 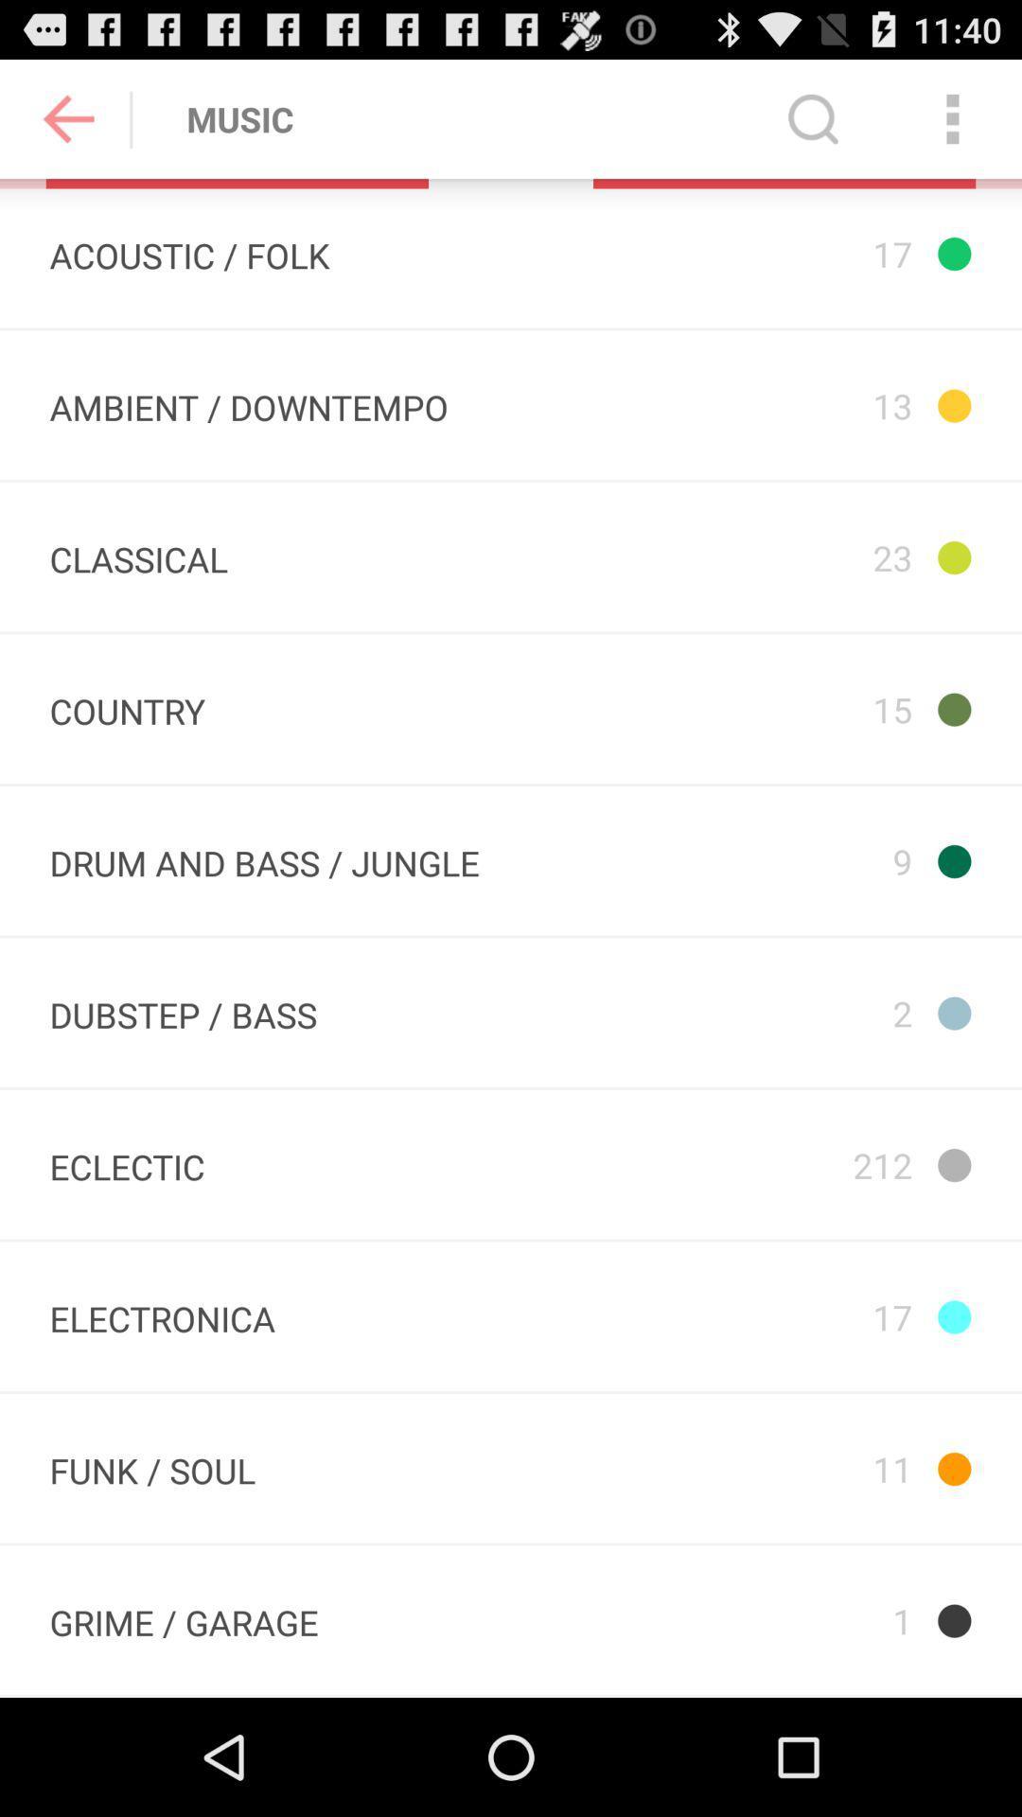 What do you see at coordinates (161, 1315) in the screenshot?
I see `the icon next to the 212 icon` at bounding box center [161, 1315].